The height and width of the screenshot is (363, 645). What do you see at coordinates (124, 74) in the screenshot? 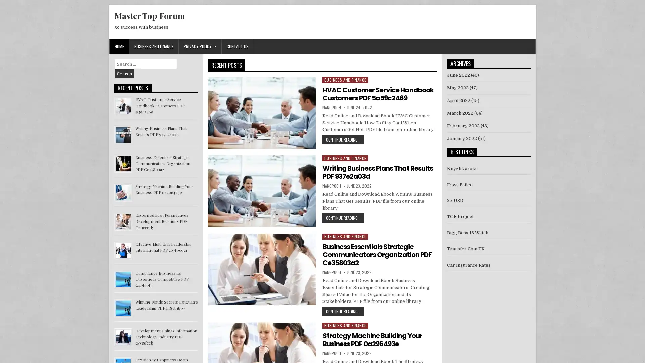
I see `Search` at bounding box center [124, 74].